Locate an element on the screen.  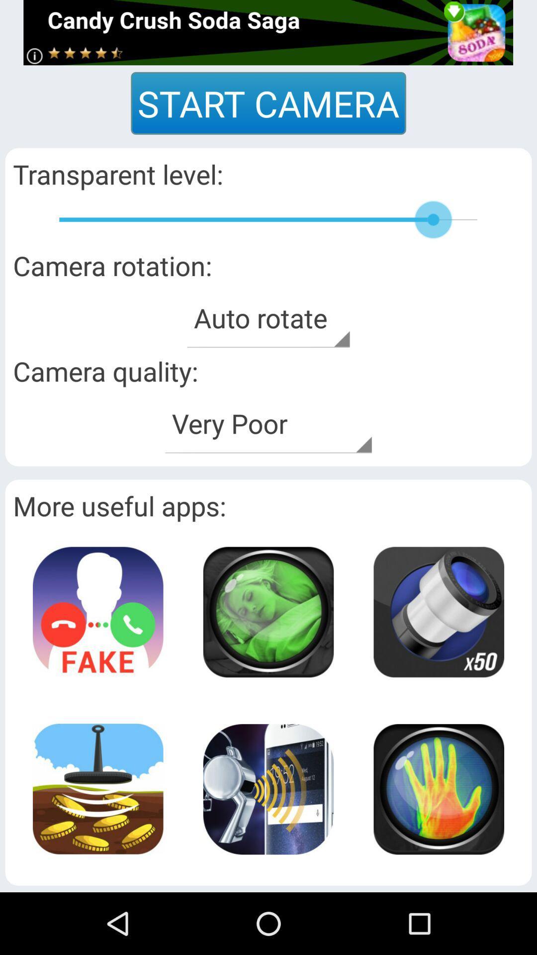
zoom 50x is located at coordinates (438, 611).